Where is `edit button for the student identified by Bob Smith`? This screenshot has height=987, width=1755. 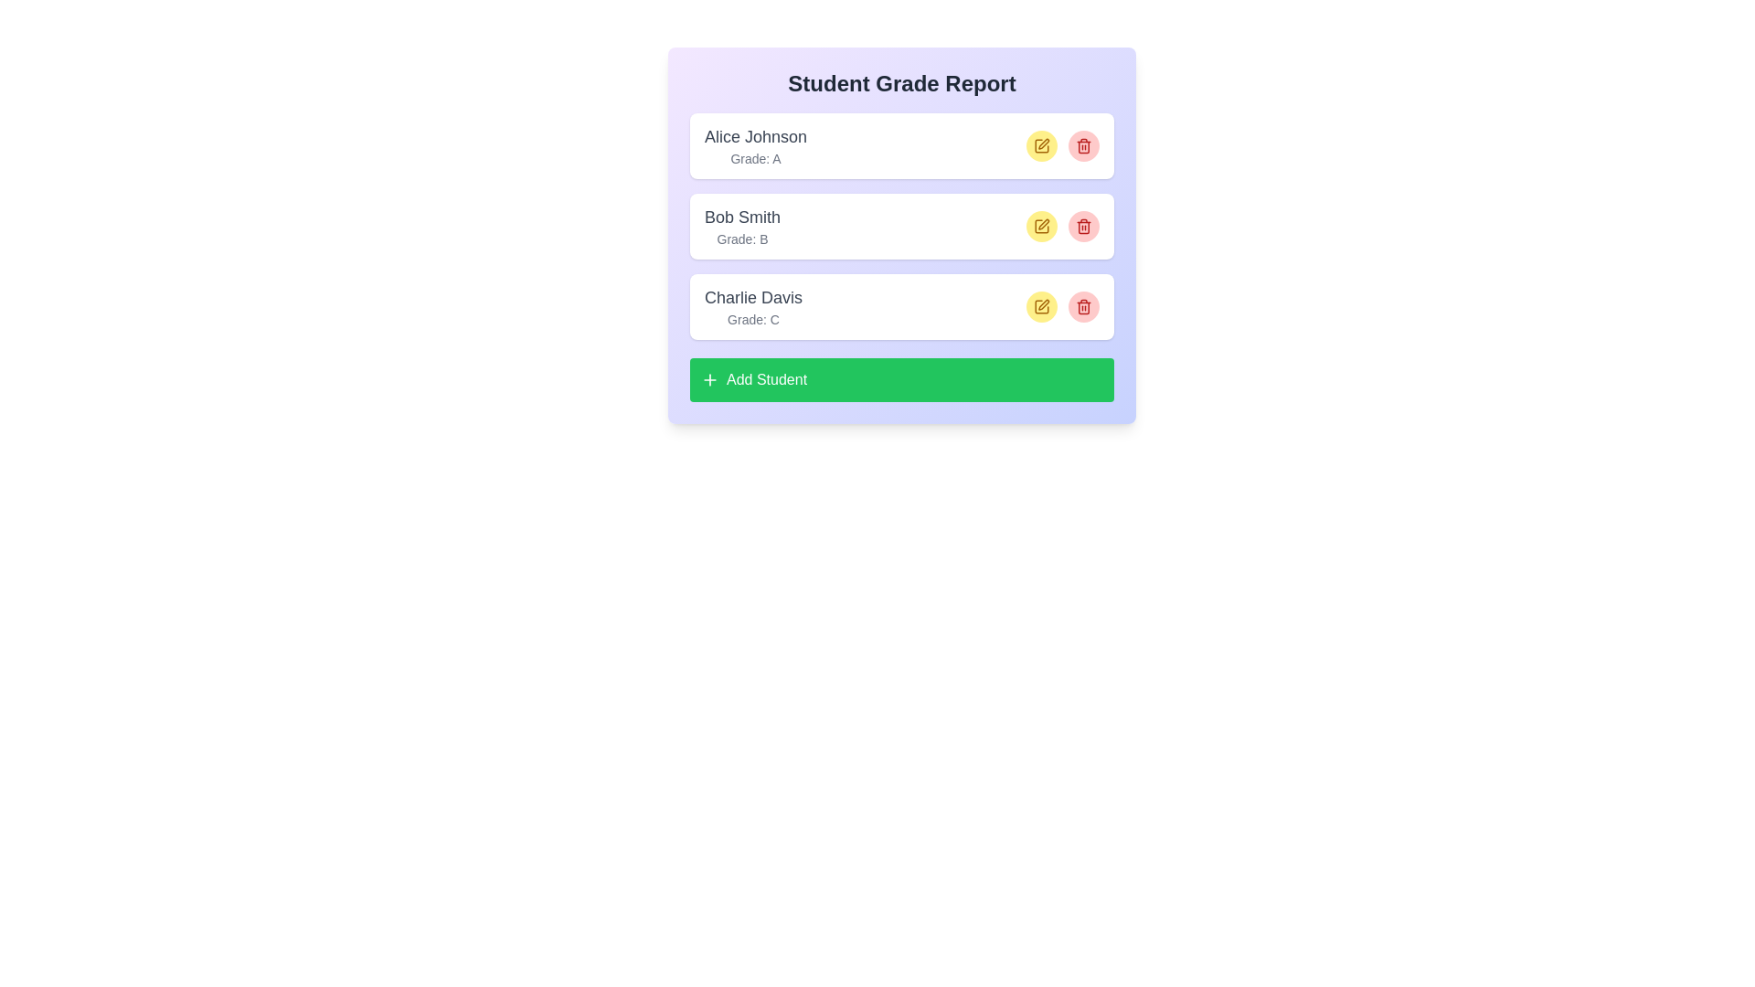 edit button for the student identified by Bob Smith is located at coordinates (1042, 225).